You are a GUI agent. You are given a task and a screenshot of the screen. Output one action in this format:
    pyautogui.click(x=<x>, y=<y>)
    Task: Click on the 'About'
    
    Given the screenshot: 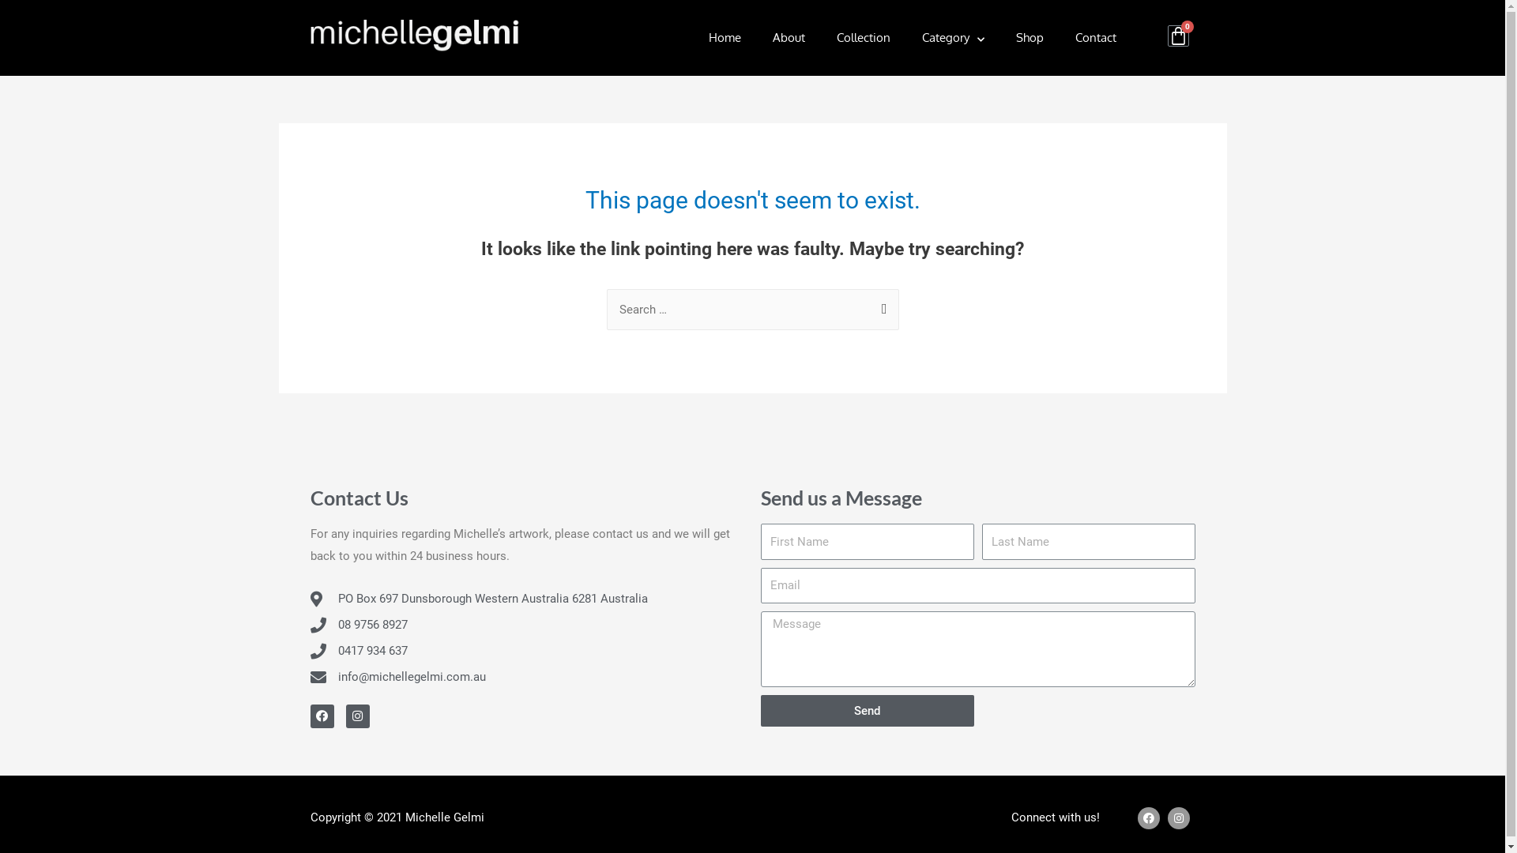 What is the action you would take?
    pyautogui.click(x=789, y=36)
    